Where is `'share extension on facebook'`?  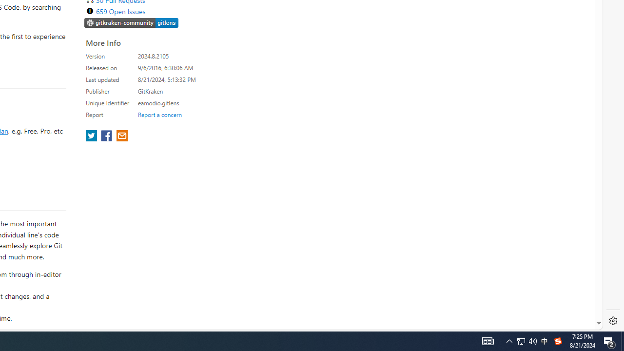 'share extension on facebook' is located at coordinates (107, 136).